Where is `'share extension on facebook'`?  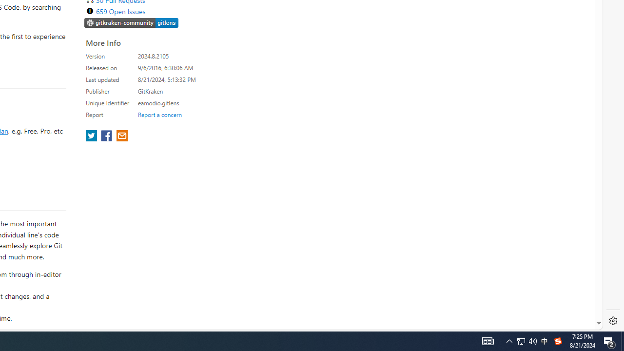 'share extension on facebook' is located at coordinates (107, 136).